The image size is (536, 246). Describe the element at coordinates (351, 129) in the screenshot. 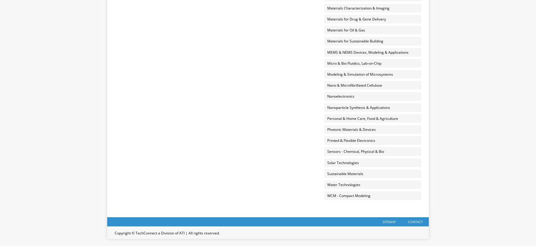

I see `'Photonic Materials & Devices'` at that location.